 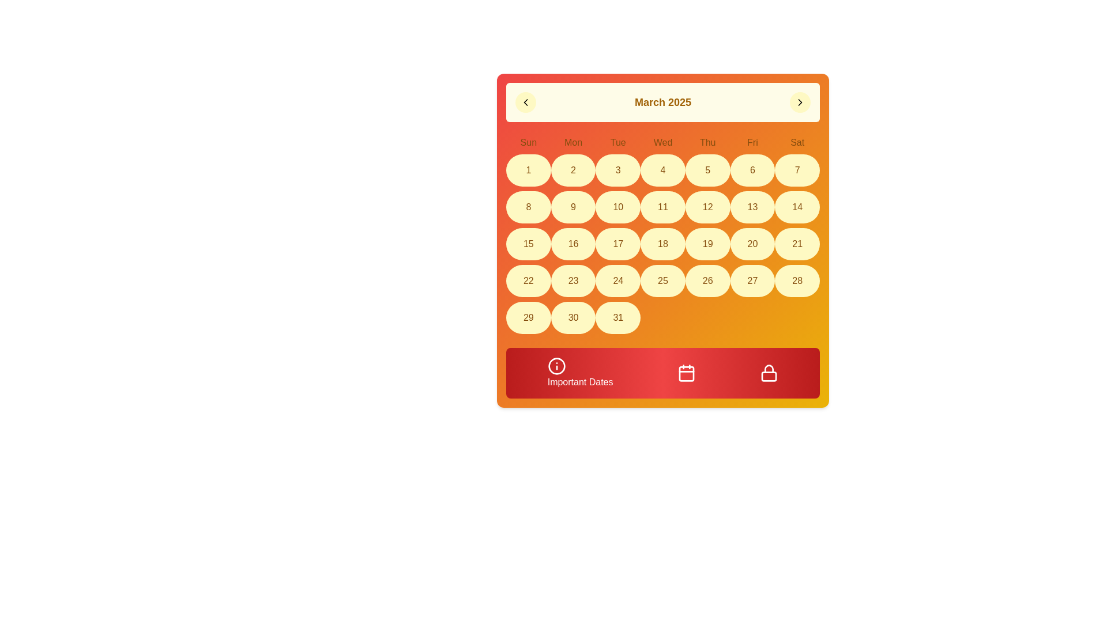 What do you see at coordinates (799, 101) in the screenshot?
I see `the navigation icon in the calendar header, located at the top right corner next to the month display ('March 2025'), to understand its function for moving to the next month` at bounding box center [799, 101].